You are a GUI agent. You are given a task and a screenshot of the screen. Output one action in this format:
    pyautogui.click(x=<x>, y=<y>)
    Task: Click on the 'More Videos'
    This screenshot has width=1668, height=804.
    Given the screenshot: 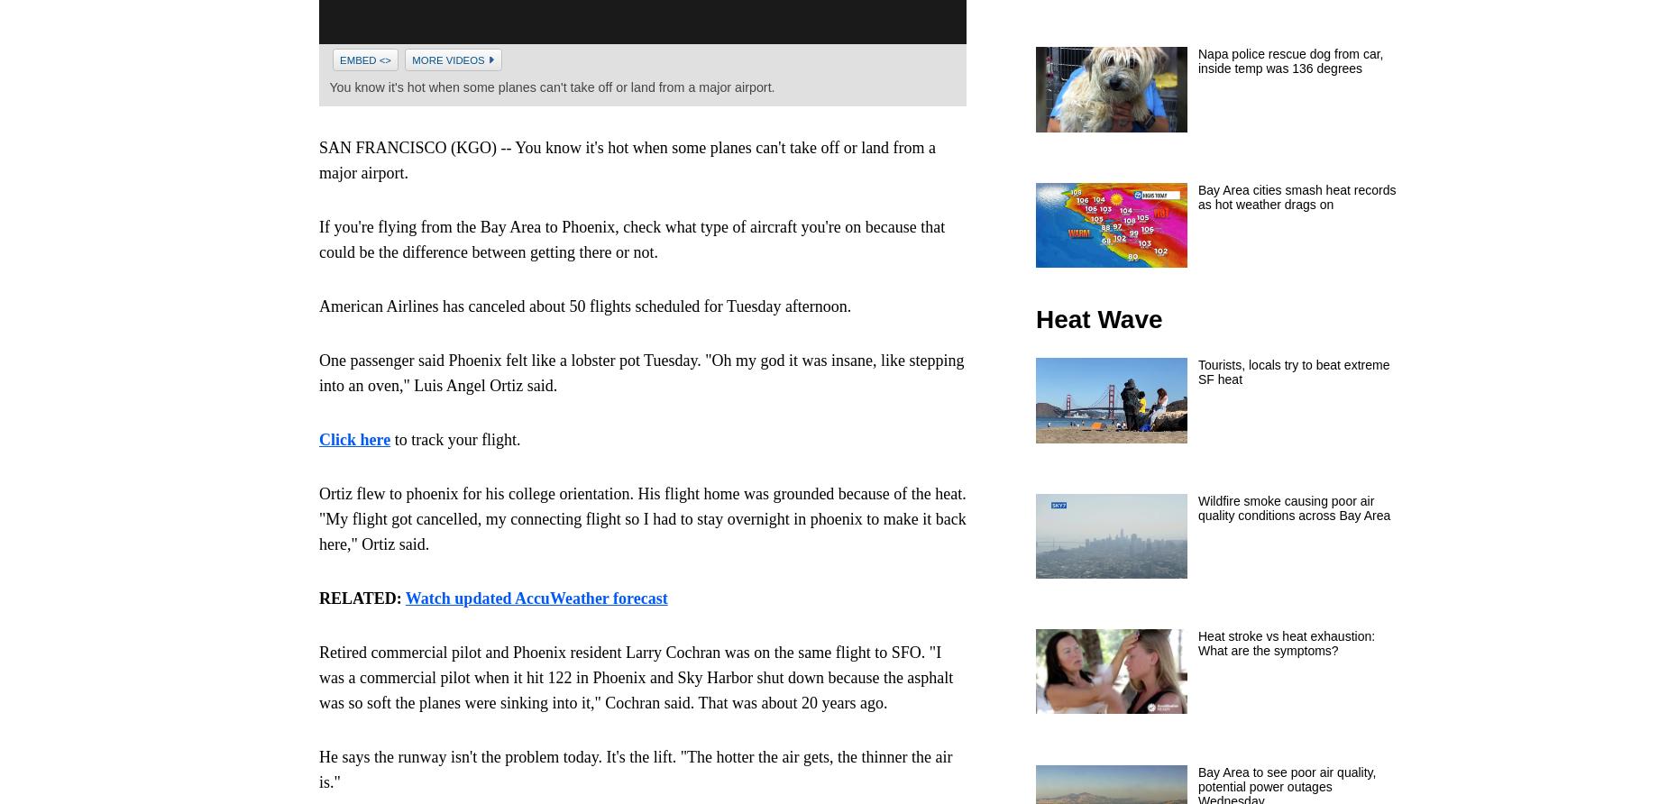 What is the action you would take?
    pyautogui.click(x=449, y=59)
    